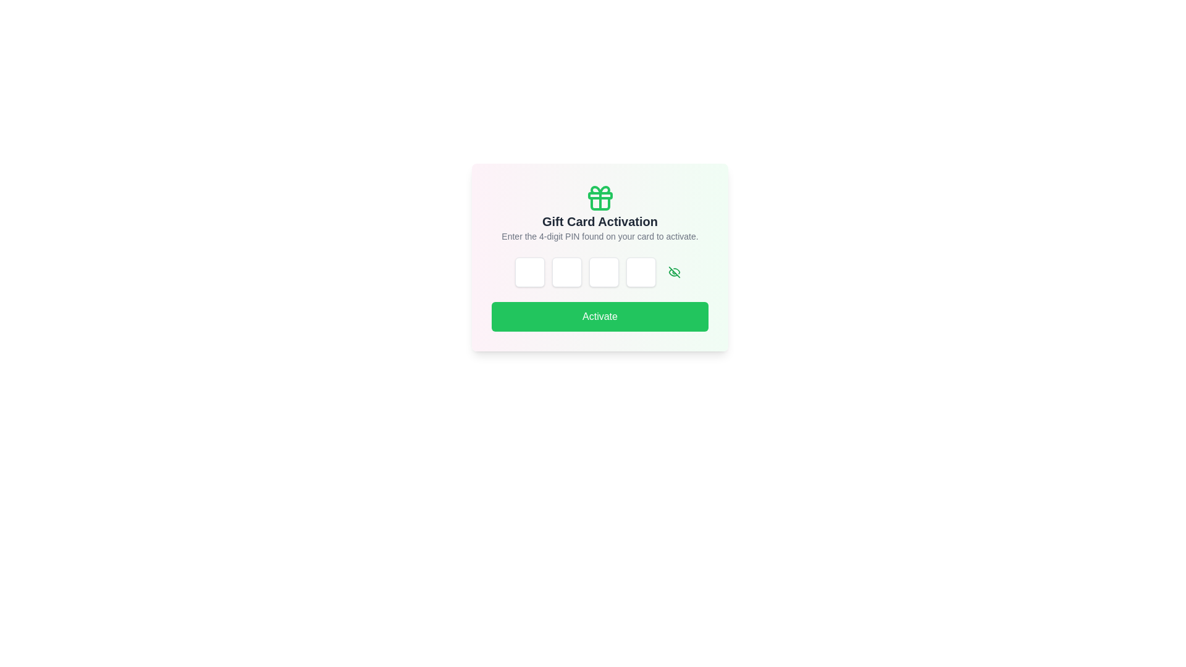  What do you see at coordinates (600, 236) in the screenshot?
I see `the static text element that instructs users to enter a 4-digit PIN, located below the 'Gift Card Activation' title text in a centered modal box` at bounding box center [600, 236].